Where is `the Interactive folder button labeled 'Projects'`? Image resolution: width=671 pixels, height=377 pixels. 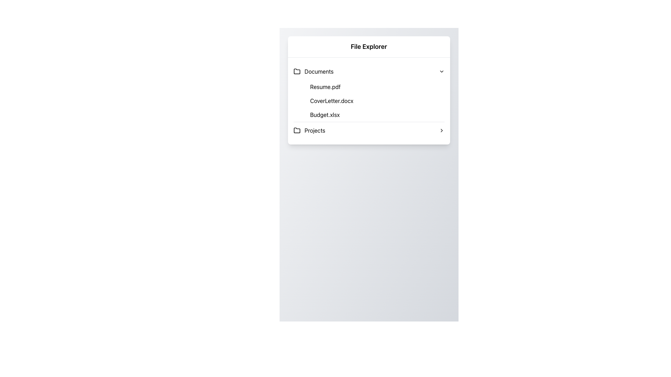 the Interactive folder button labeled 'Projects' is located at coordinates (309, 131).